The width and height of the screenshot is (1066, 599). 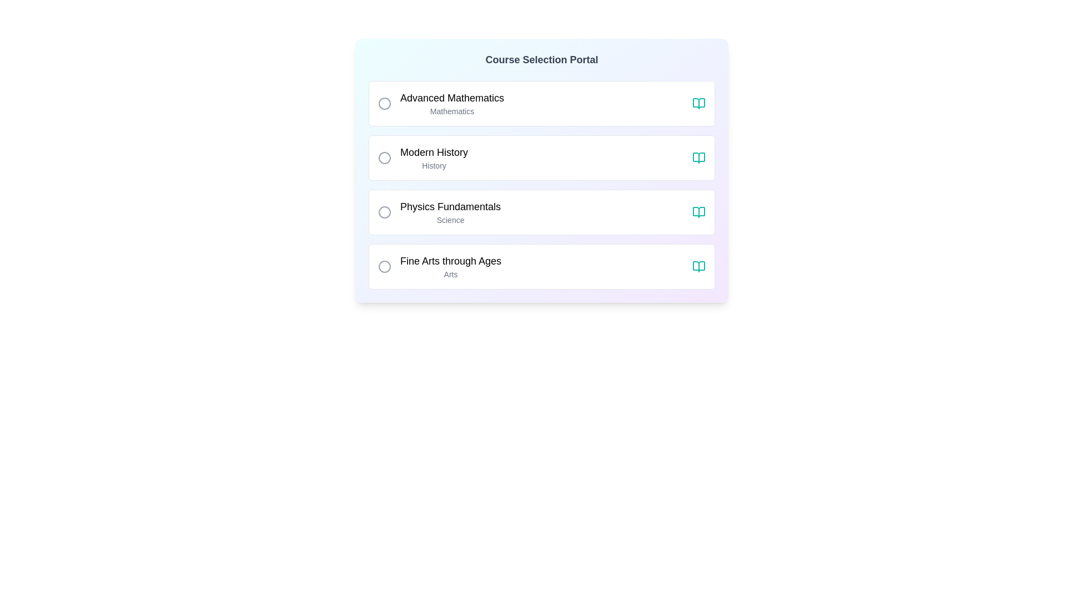 I want to click on the circular radio button for the course labeled 'Modern History', so click(x=384, y=158).